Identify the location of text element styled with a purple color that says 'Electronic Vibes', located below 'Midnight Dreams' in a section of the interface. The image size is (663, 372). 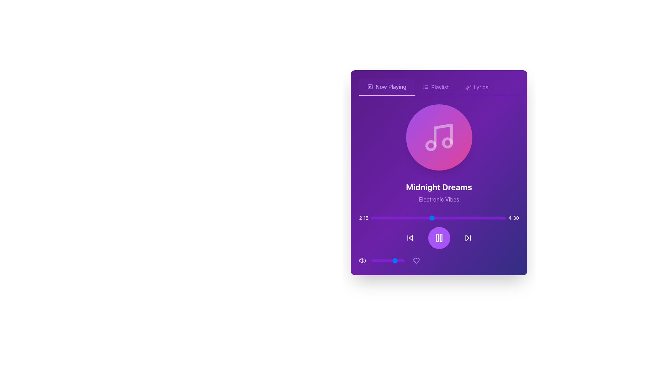
(439, 199).